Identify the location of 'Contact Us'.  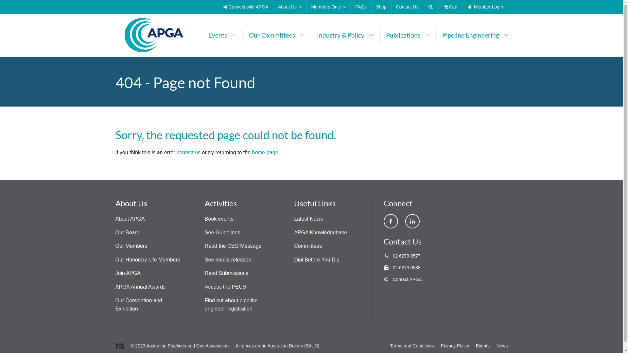
(407, 7).